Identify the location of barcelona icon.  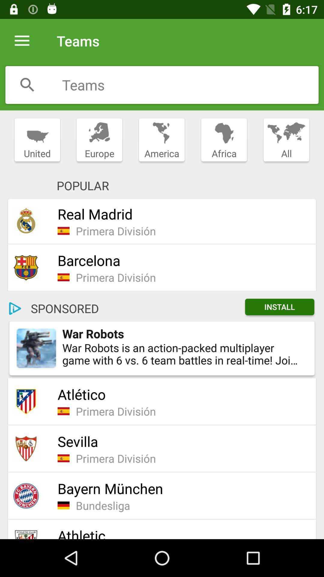
(182, 260).